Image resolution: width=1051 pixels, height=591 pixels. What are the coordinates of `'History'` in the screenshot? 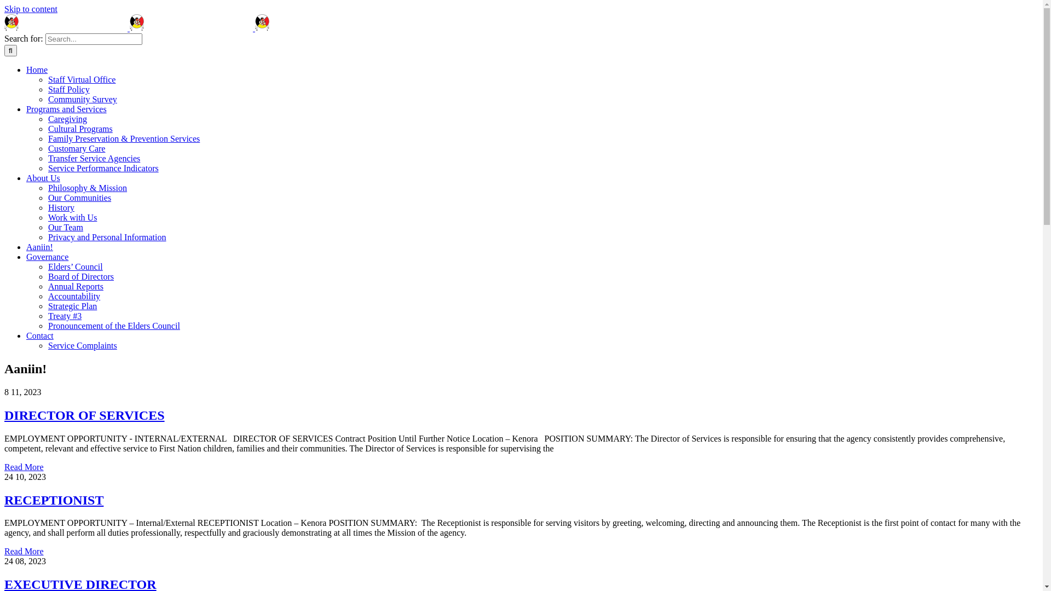 It's located at (60, 207).